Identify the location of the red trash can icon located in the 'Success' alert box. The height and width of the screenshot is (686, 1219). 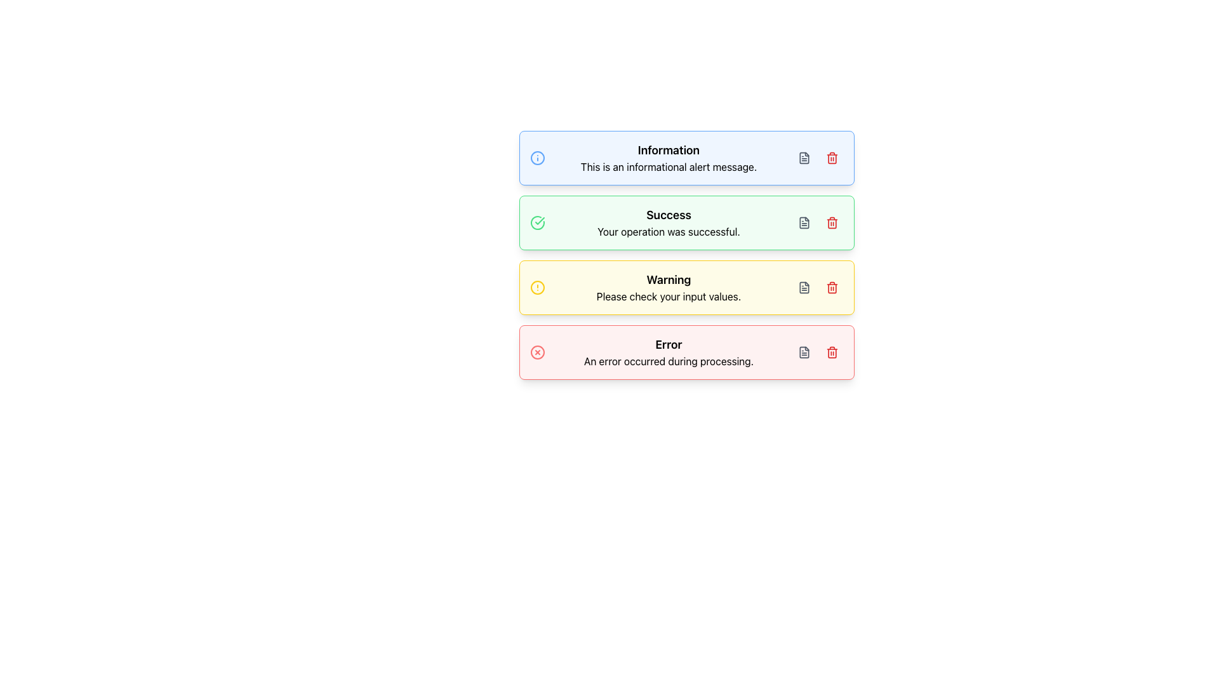
(832, 222).